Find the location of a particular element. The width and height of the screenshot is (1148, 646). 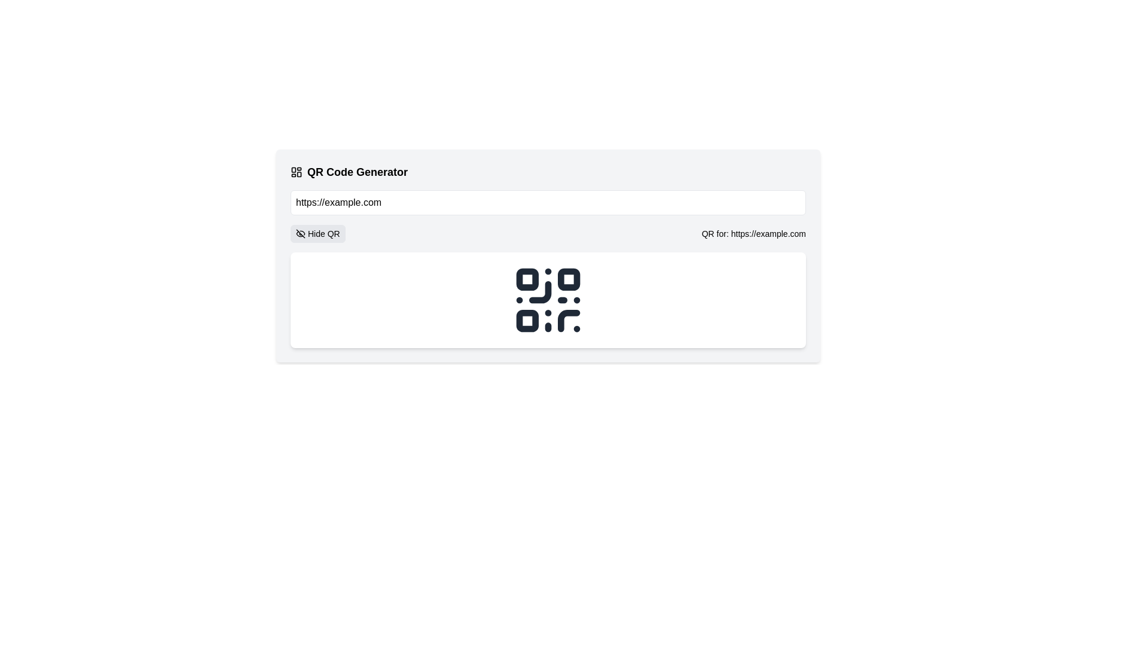

the eye-off icon, which is a crossed-out eye located on the left side of the 'Hide QR' button below the text input field is located at coordinates (301, 233).